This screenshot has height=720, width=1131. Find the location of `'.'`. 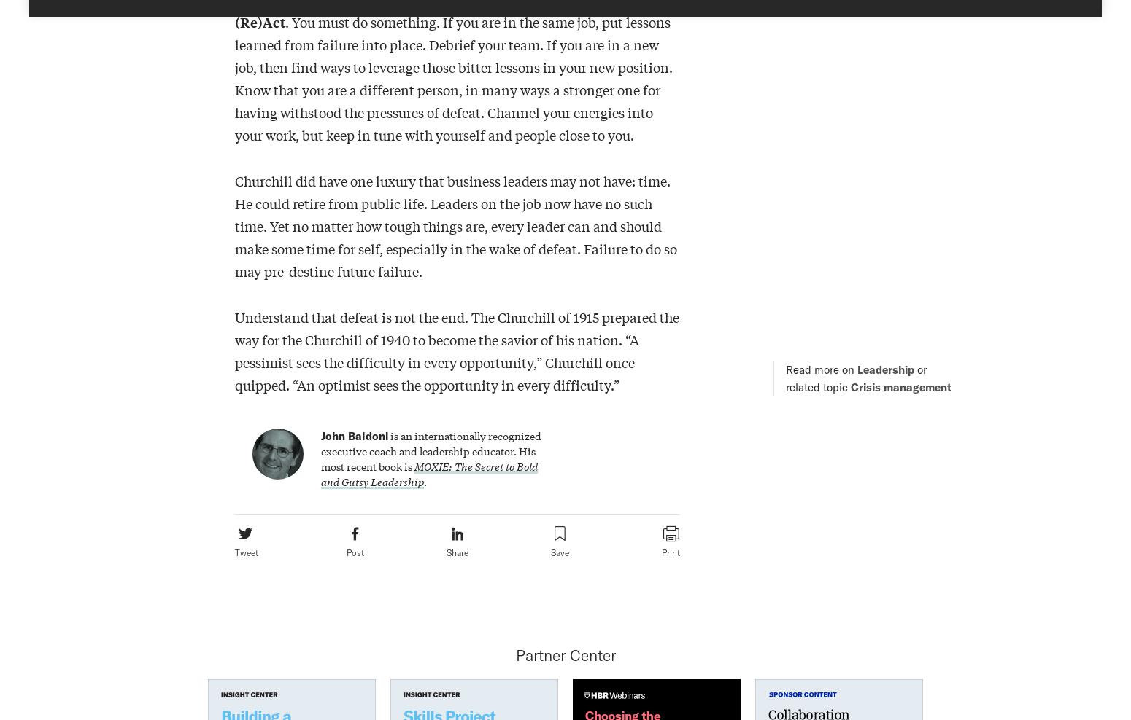

'.' is located at coordinates (425, 480).